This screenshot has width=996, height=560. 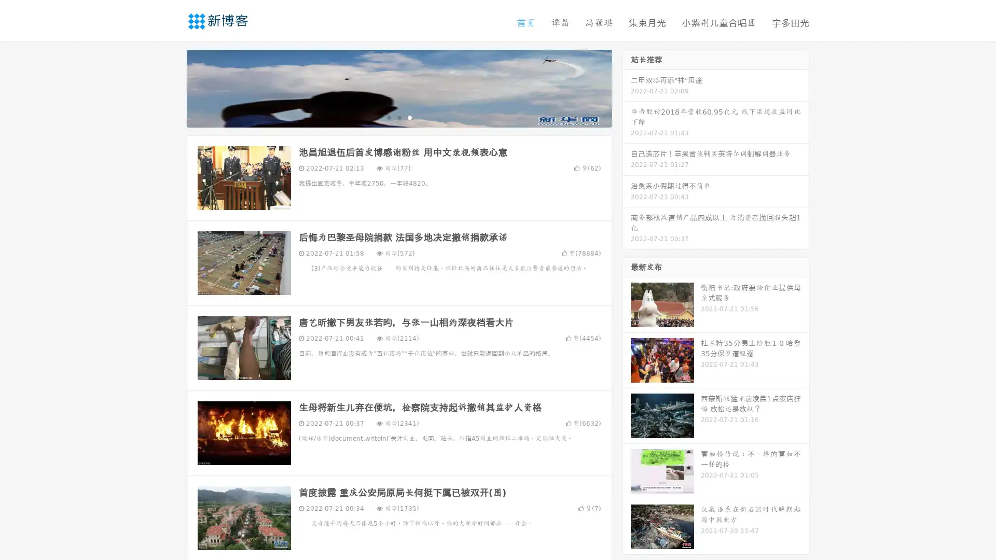 I want to click on Previous slide, so click(x=171, y=87).